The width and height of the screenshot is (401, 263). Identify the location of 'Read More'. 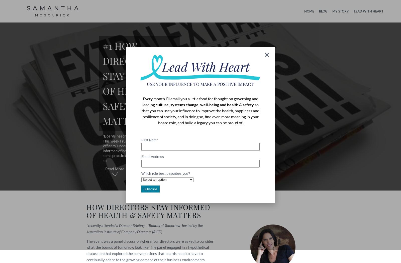
(115, 168).